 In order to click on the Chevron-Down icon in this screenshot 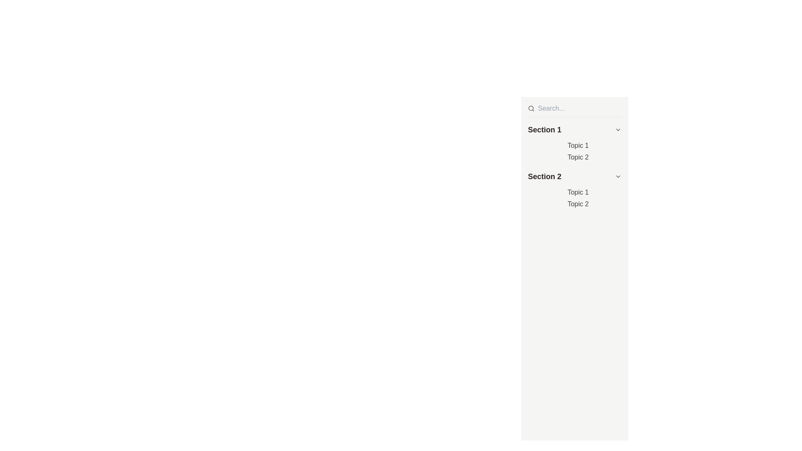, I will do `click(618, 130)`.